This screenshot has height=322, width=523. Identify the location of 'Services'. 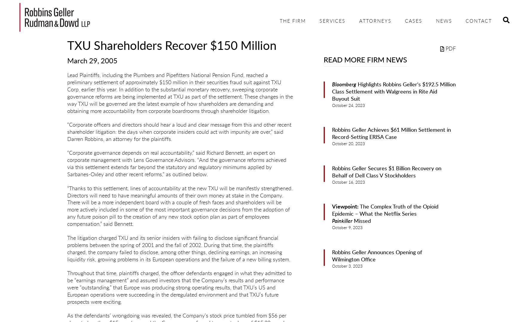
(332, 21).